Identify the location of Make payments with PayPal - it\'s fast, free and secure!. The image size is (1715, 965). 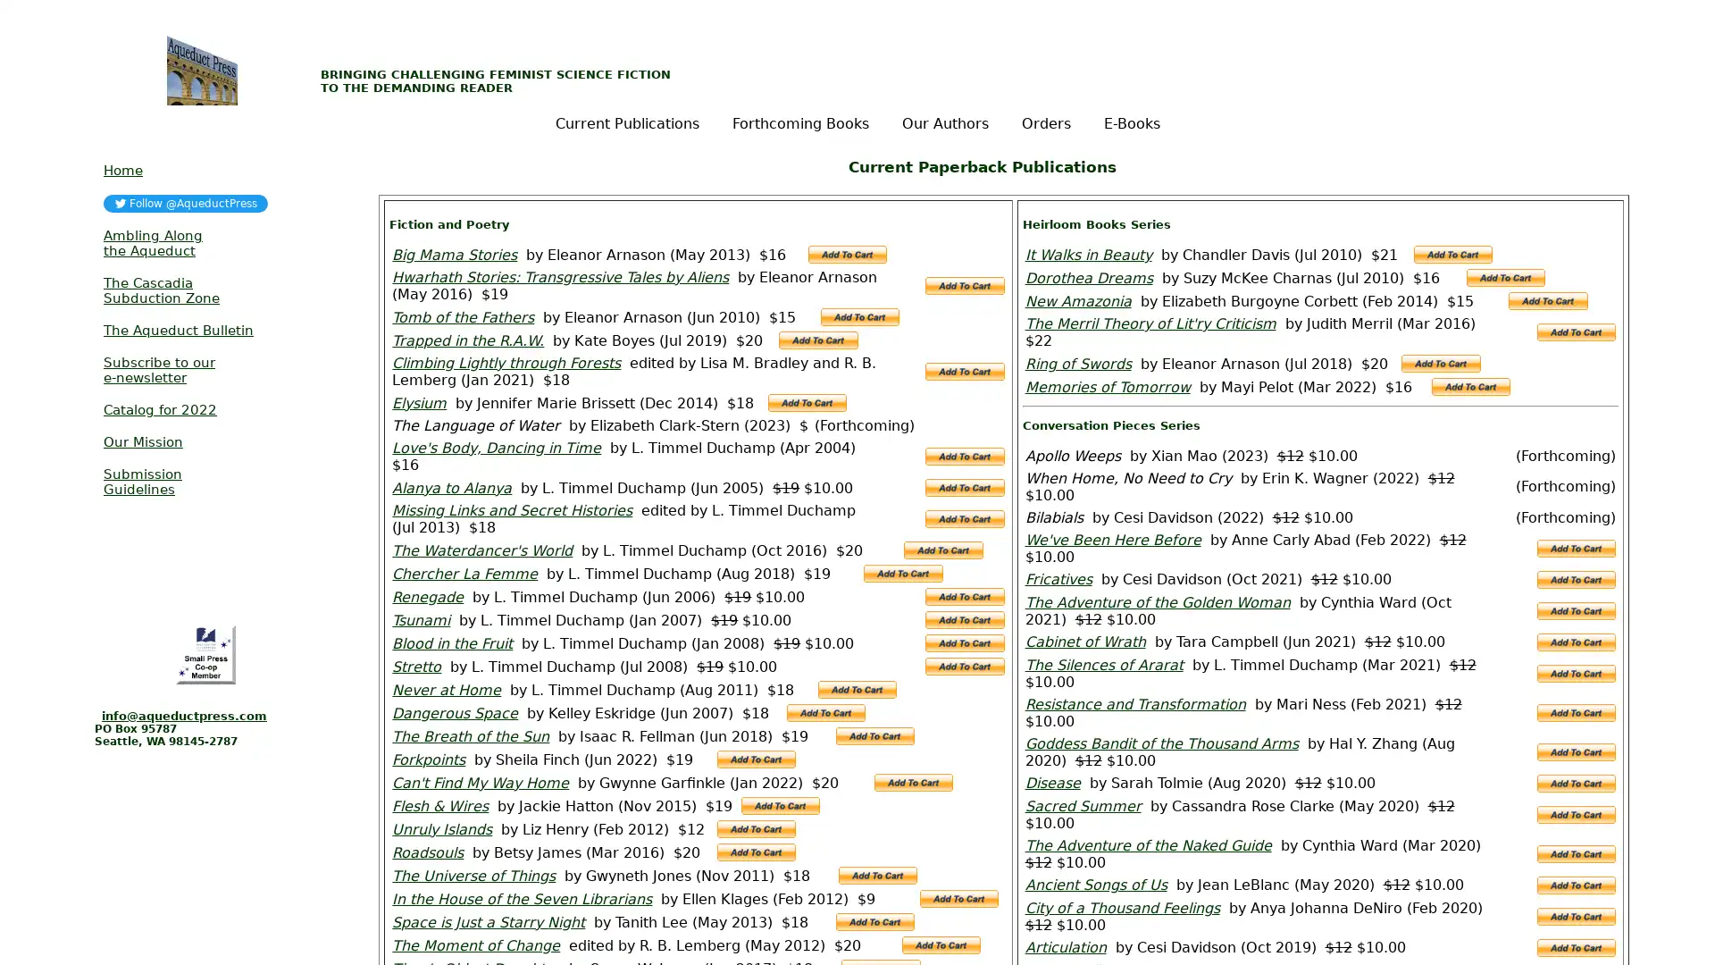
(940, 944).